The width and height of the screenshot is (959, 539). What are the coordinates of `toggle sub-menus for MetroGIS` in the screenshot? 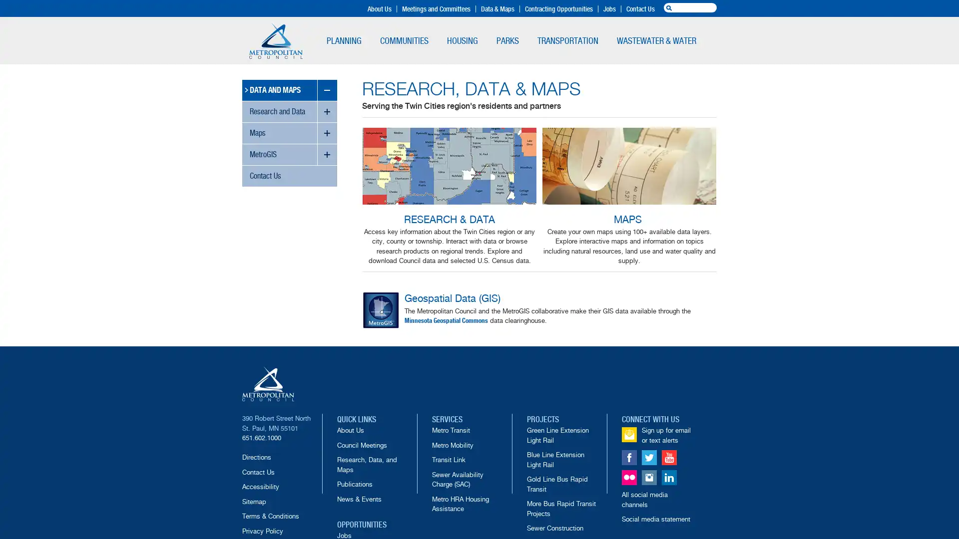 It's located at (327, 155).